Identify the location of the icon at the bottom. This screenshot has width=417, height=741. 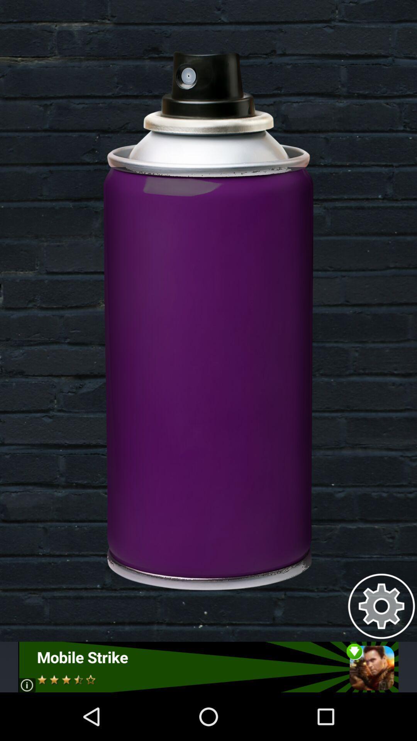
(208, 667).